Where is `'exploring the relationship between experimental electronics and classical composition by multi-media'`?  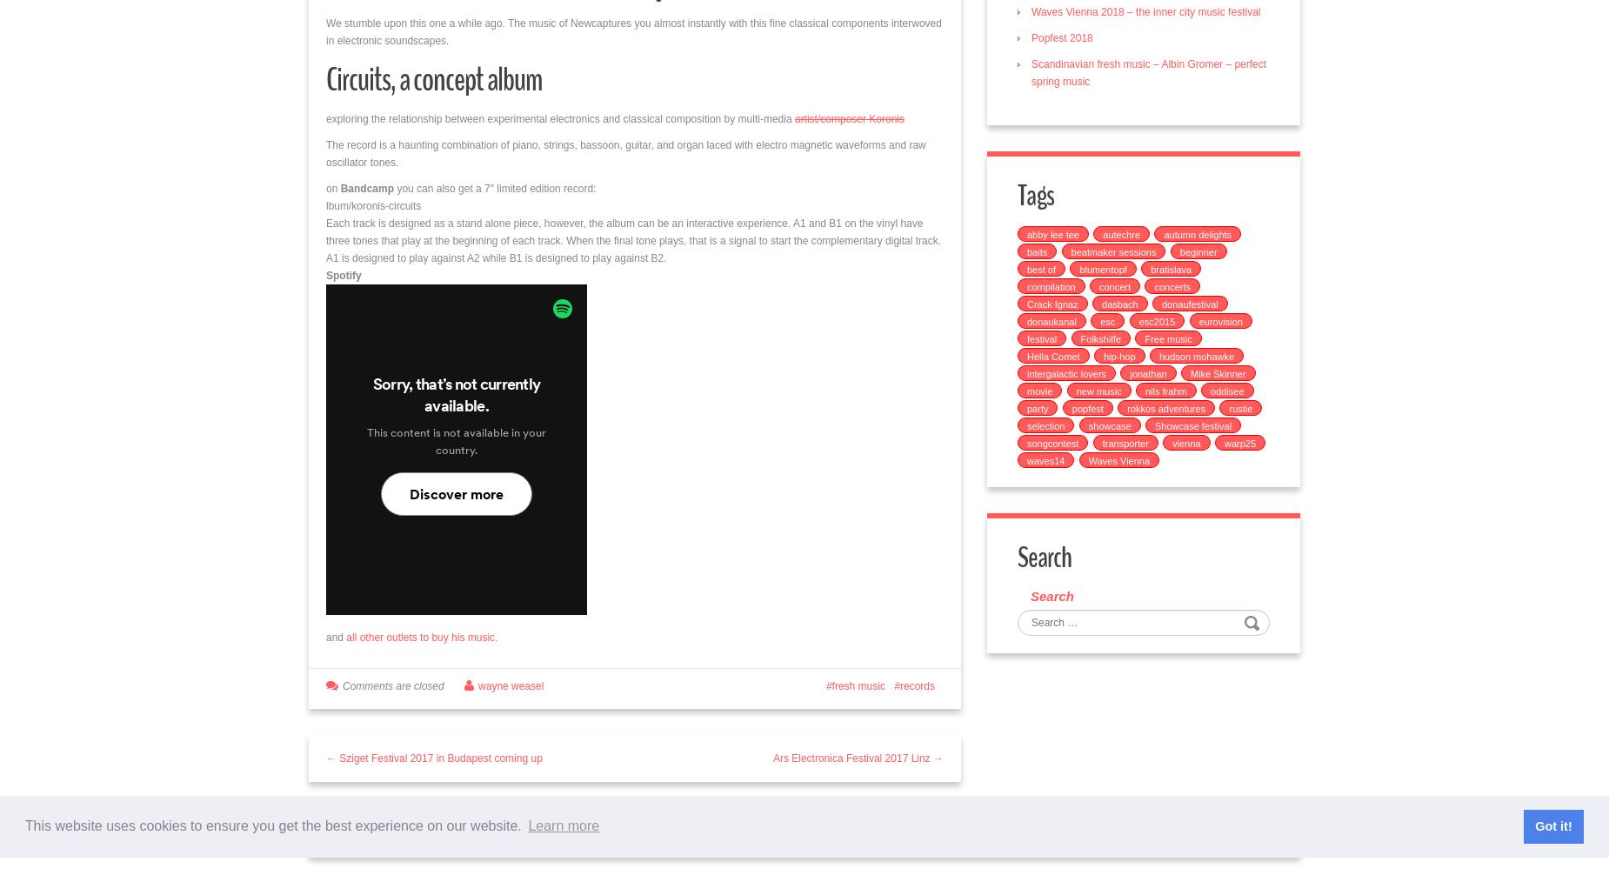
'exploring the relationship between experimental electronics and classical composition by multi-media' is located at coordinates (559, 118).